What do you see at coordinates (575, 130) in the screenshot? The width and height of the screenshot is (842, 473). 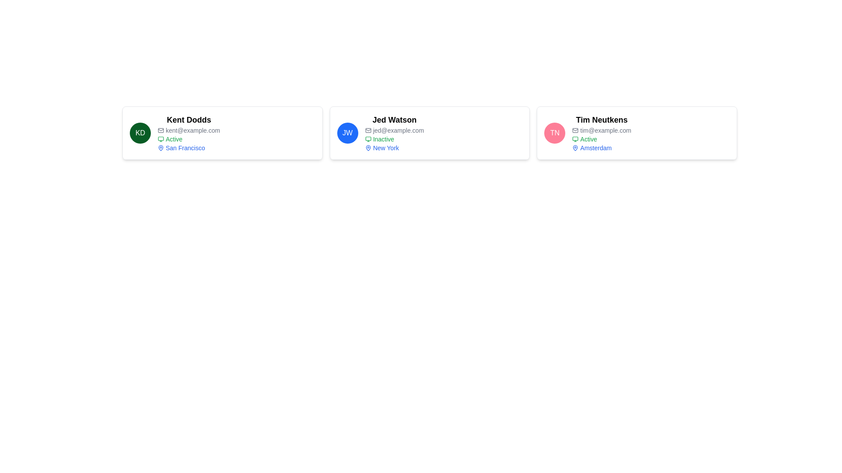 I see `the envelope icon located in the email section of the card labeled 'Tim Neutkens', which is positioned to the left of the email address 'tim@example.com'` at bounding box center [575, 130].